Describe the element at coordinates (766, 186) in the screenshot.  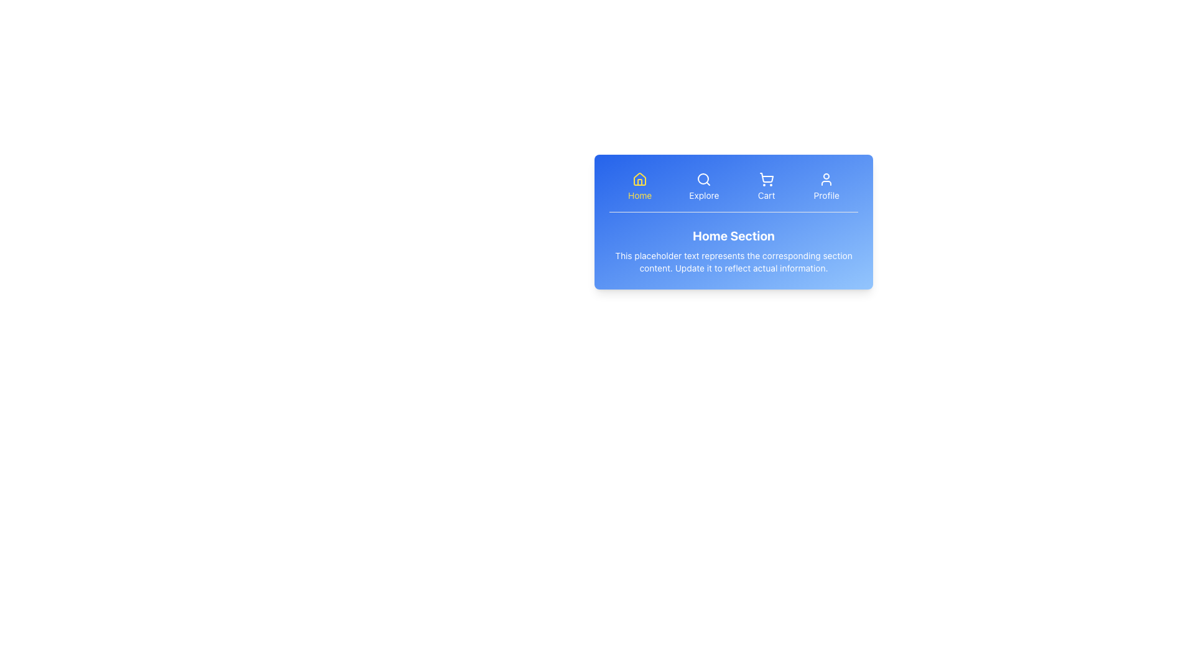
I see `the shopping cart button, which is the third element from the left in the navigation bar` at that location.